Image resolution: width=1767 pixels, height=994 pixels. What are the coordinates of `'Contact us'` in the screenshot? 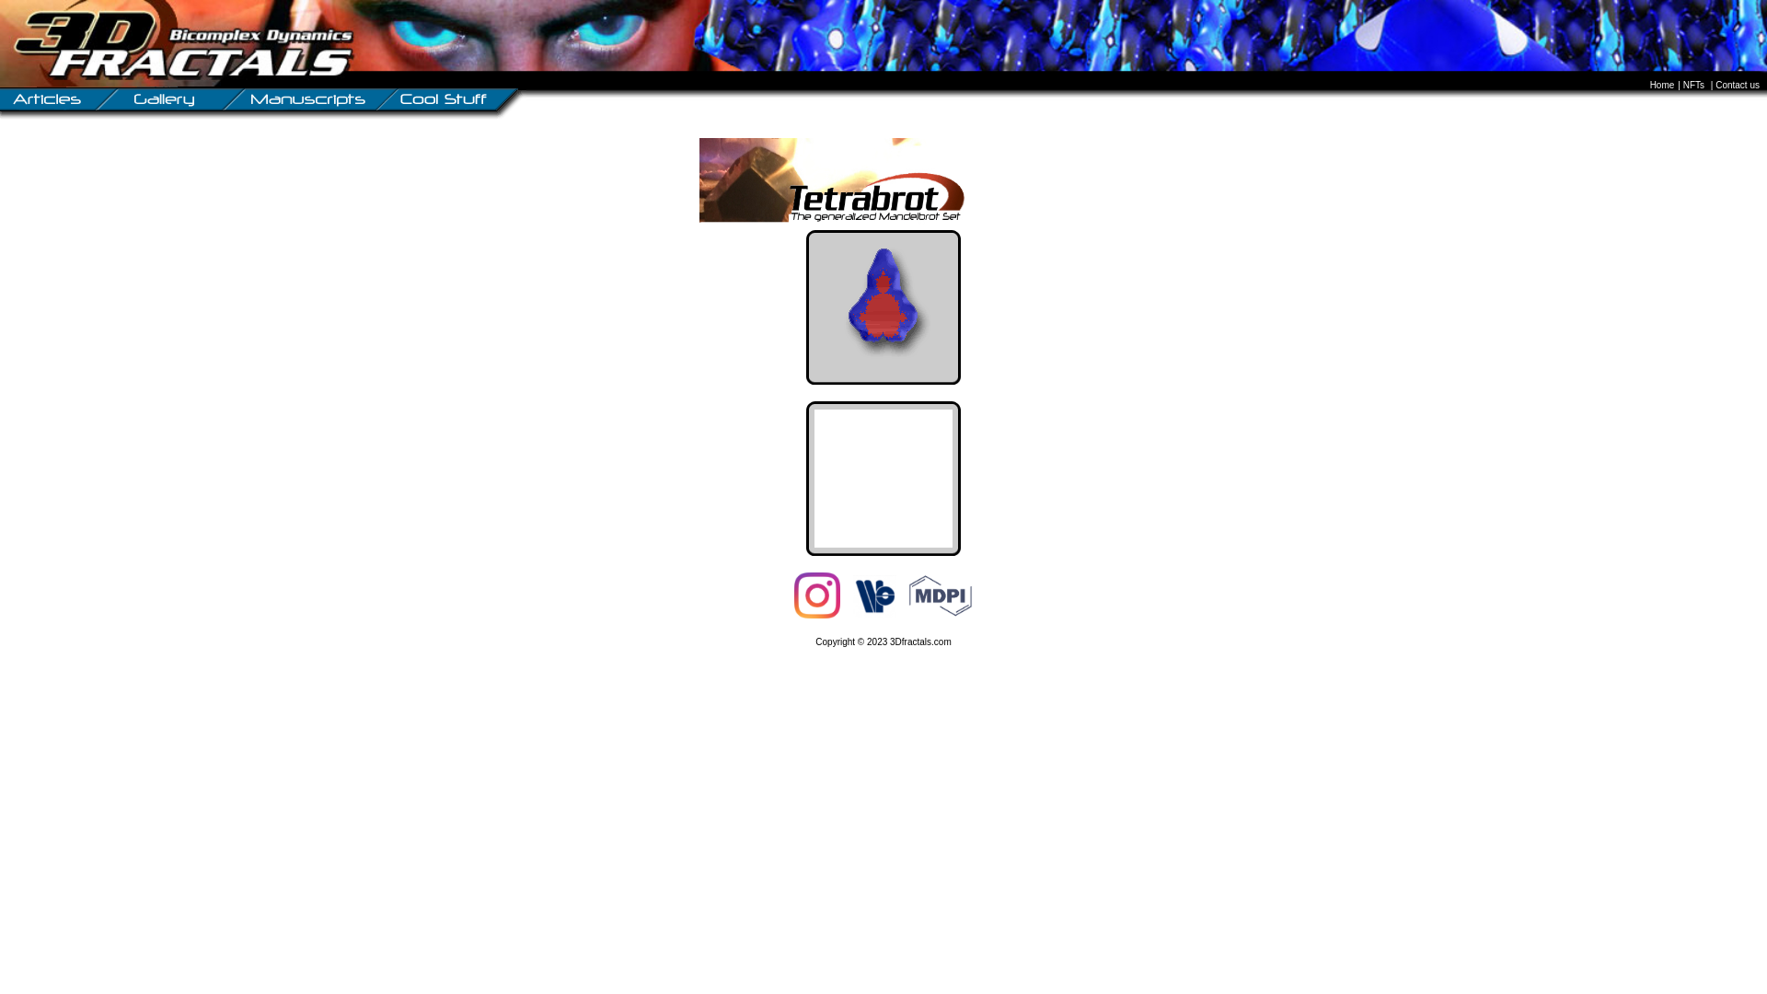 It's located at (1714, 85).